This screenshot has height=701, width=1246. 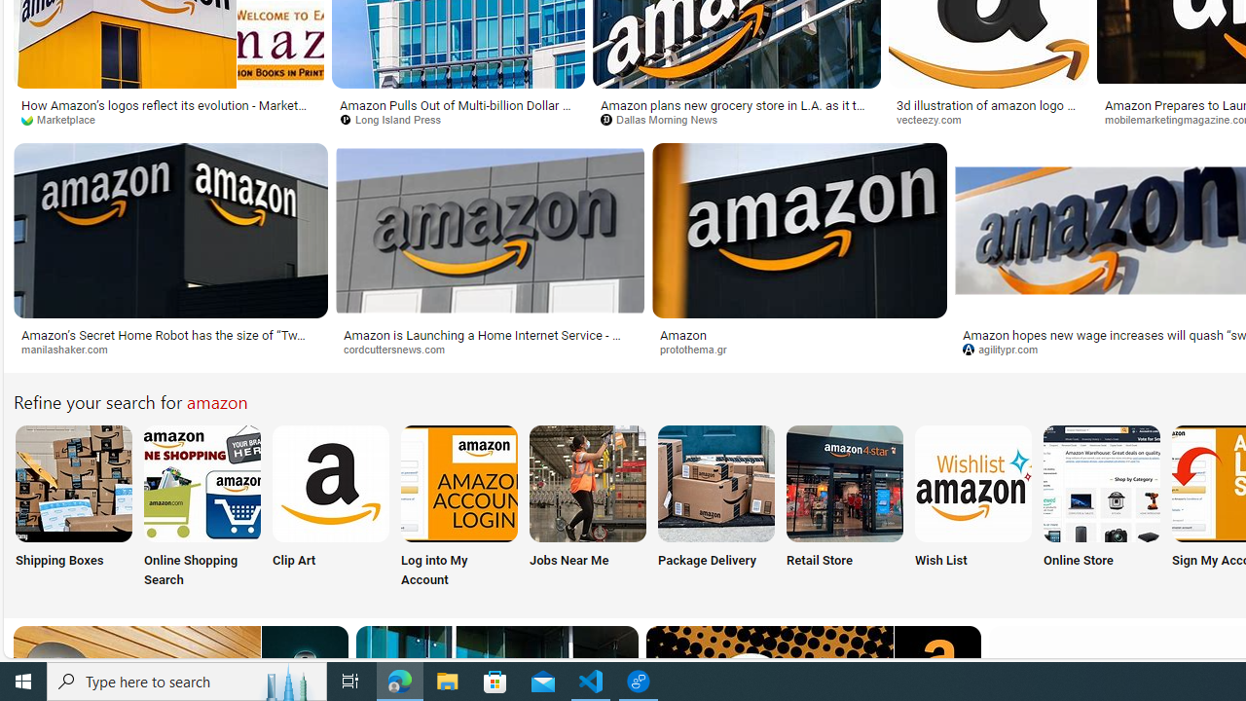 What do you see at coordinates (587, 507) in the screenshot?
I see `'Jobs Near Me'` at bounding box center [587, 507].